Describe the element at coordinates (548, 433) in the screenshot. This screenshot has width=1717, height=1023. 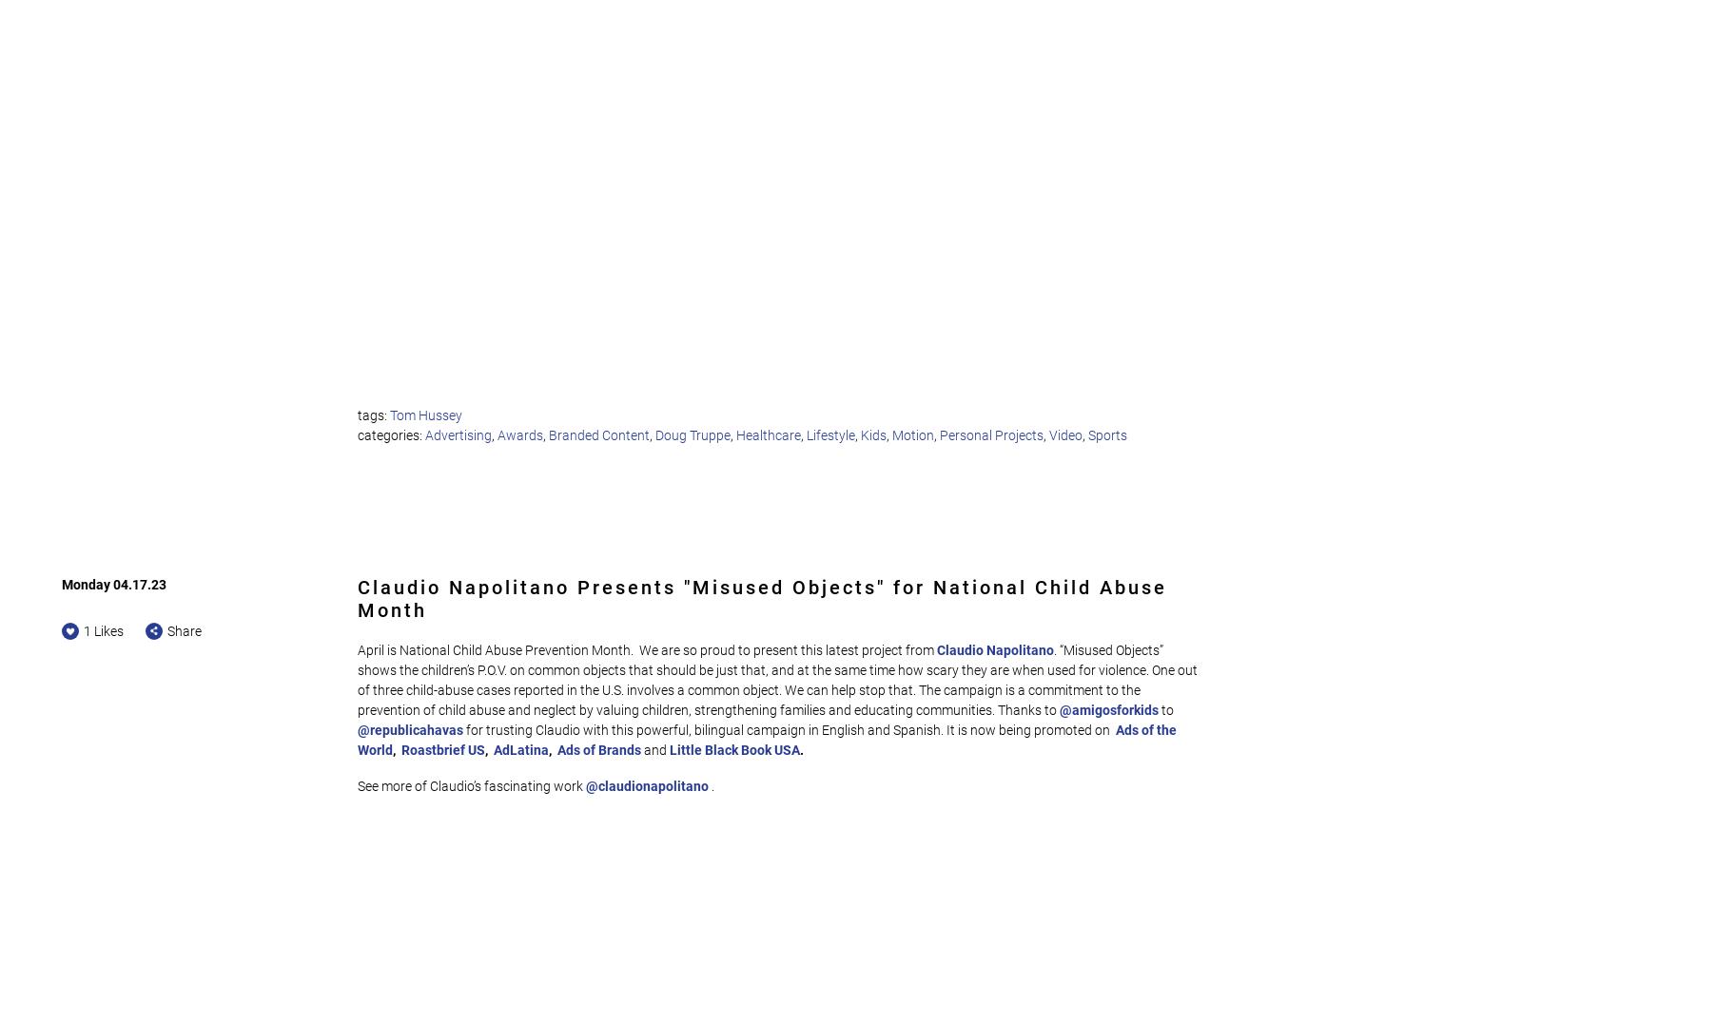
I see `'Branded Content'` at that location.